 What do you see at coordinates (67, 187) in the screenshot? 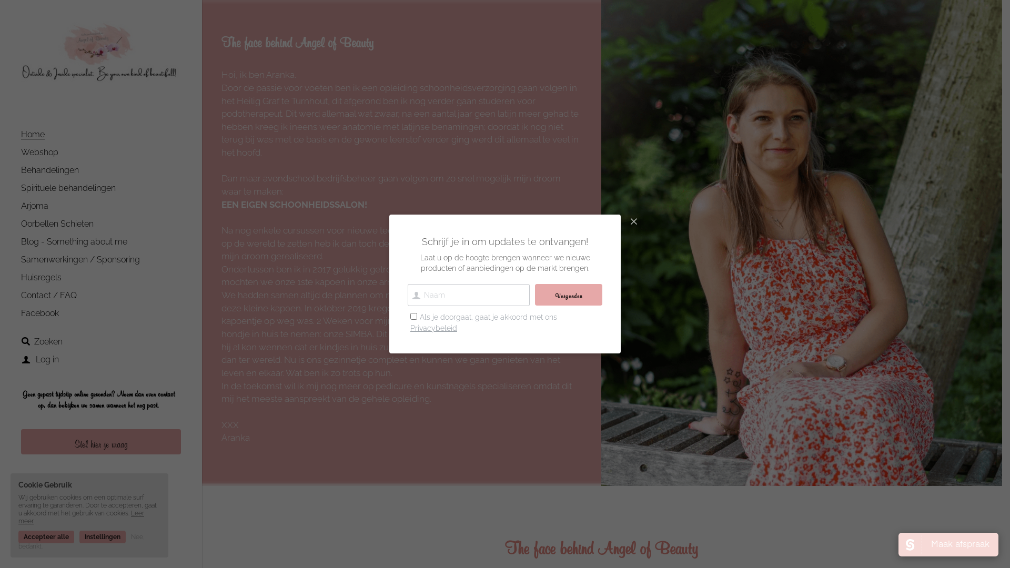
I see `'Spirituele behandelingen'` at bounding box center [67, 187].